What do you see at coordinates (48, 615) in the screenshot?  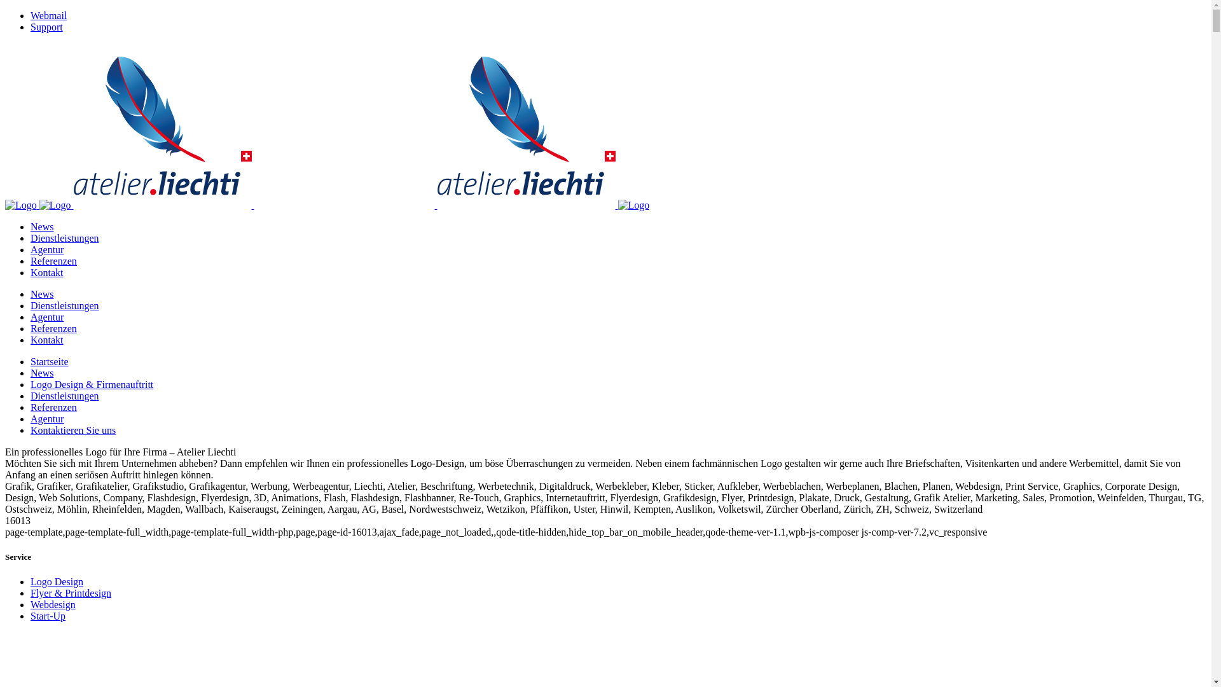 I see `'Start-Up'` at bounding box center [48, 615].